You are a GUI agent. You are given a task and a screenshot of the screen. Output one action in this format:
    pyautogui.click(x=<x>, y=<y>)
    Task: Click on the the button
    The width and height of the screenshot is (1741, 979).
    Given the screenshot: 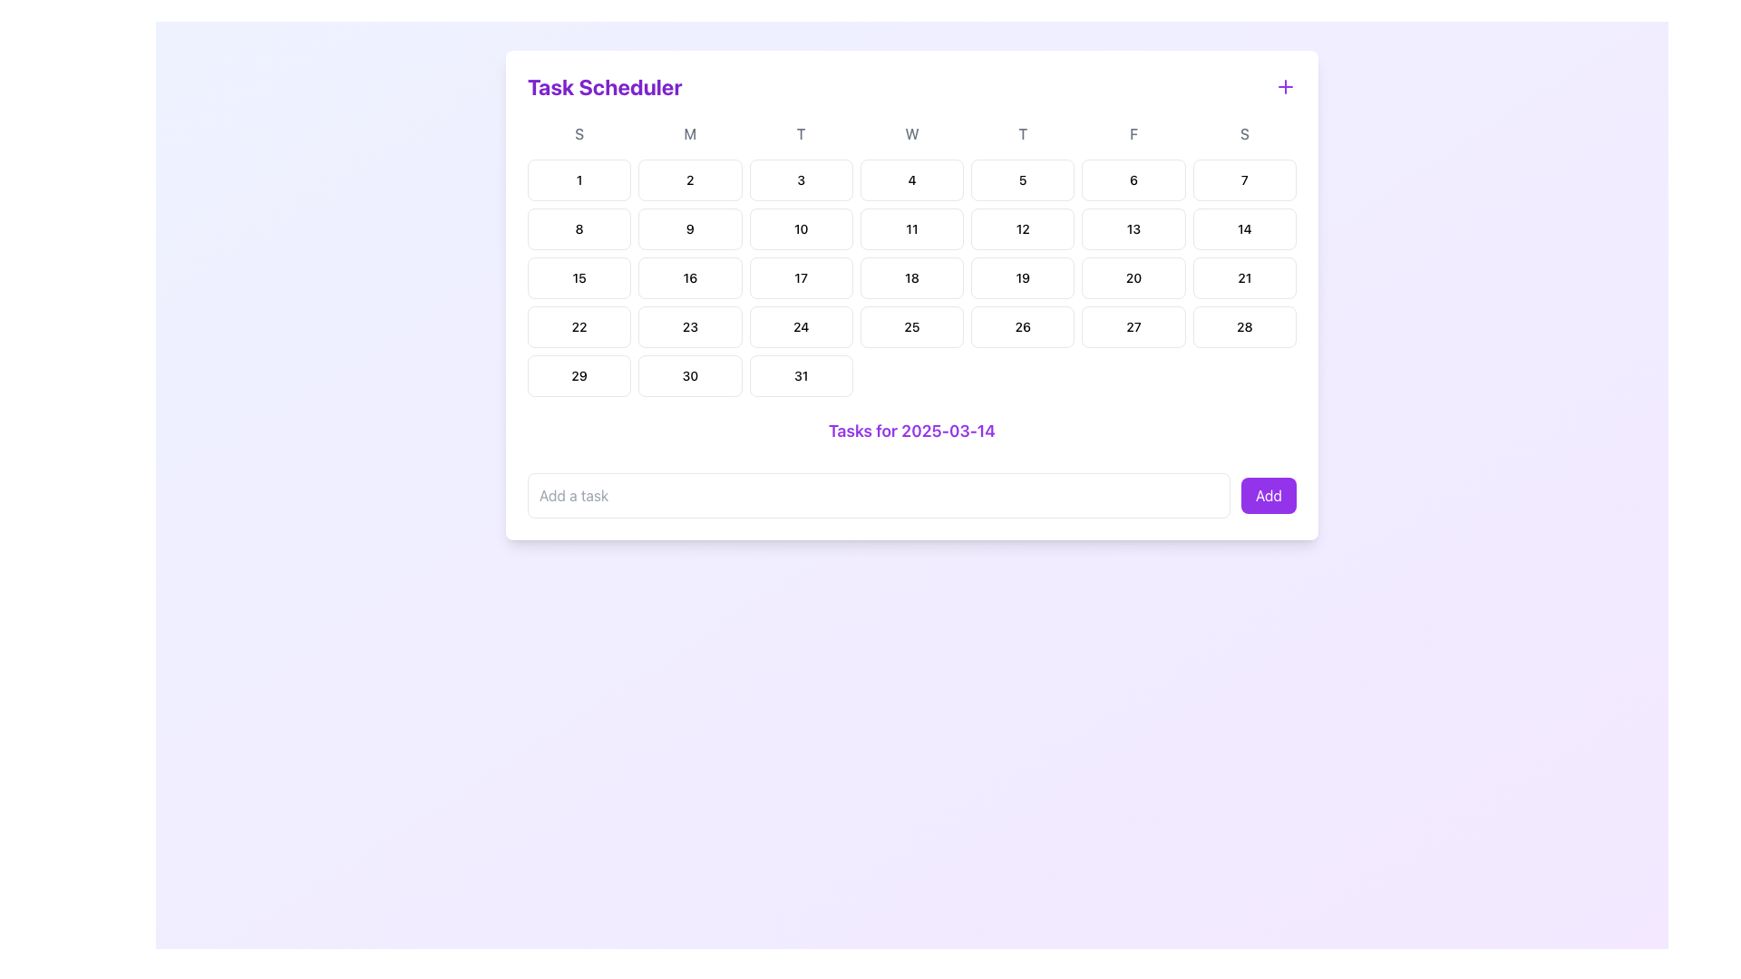 What is the action you would take?
    pyautogui.click(x=689, y=278)
    